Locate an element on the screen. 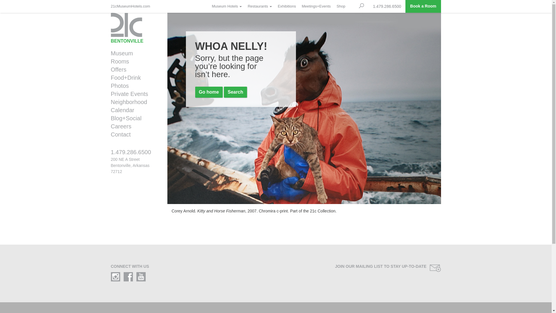  'Blog+Social' is located at coordinates (132, 118).